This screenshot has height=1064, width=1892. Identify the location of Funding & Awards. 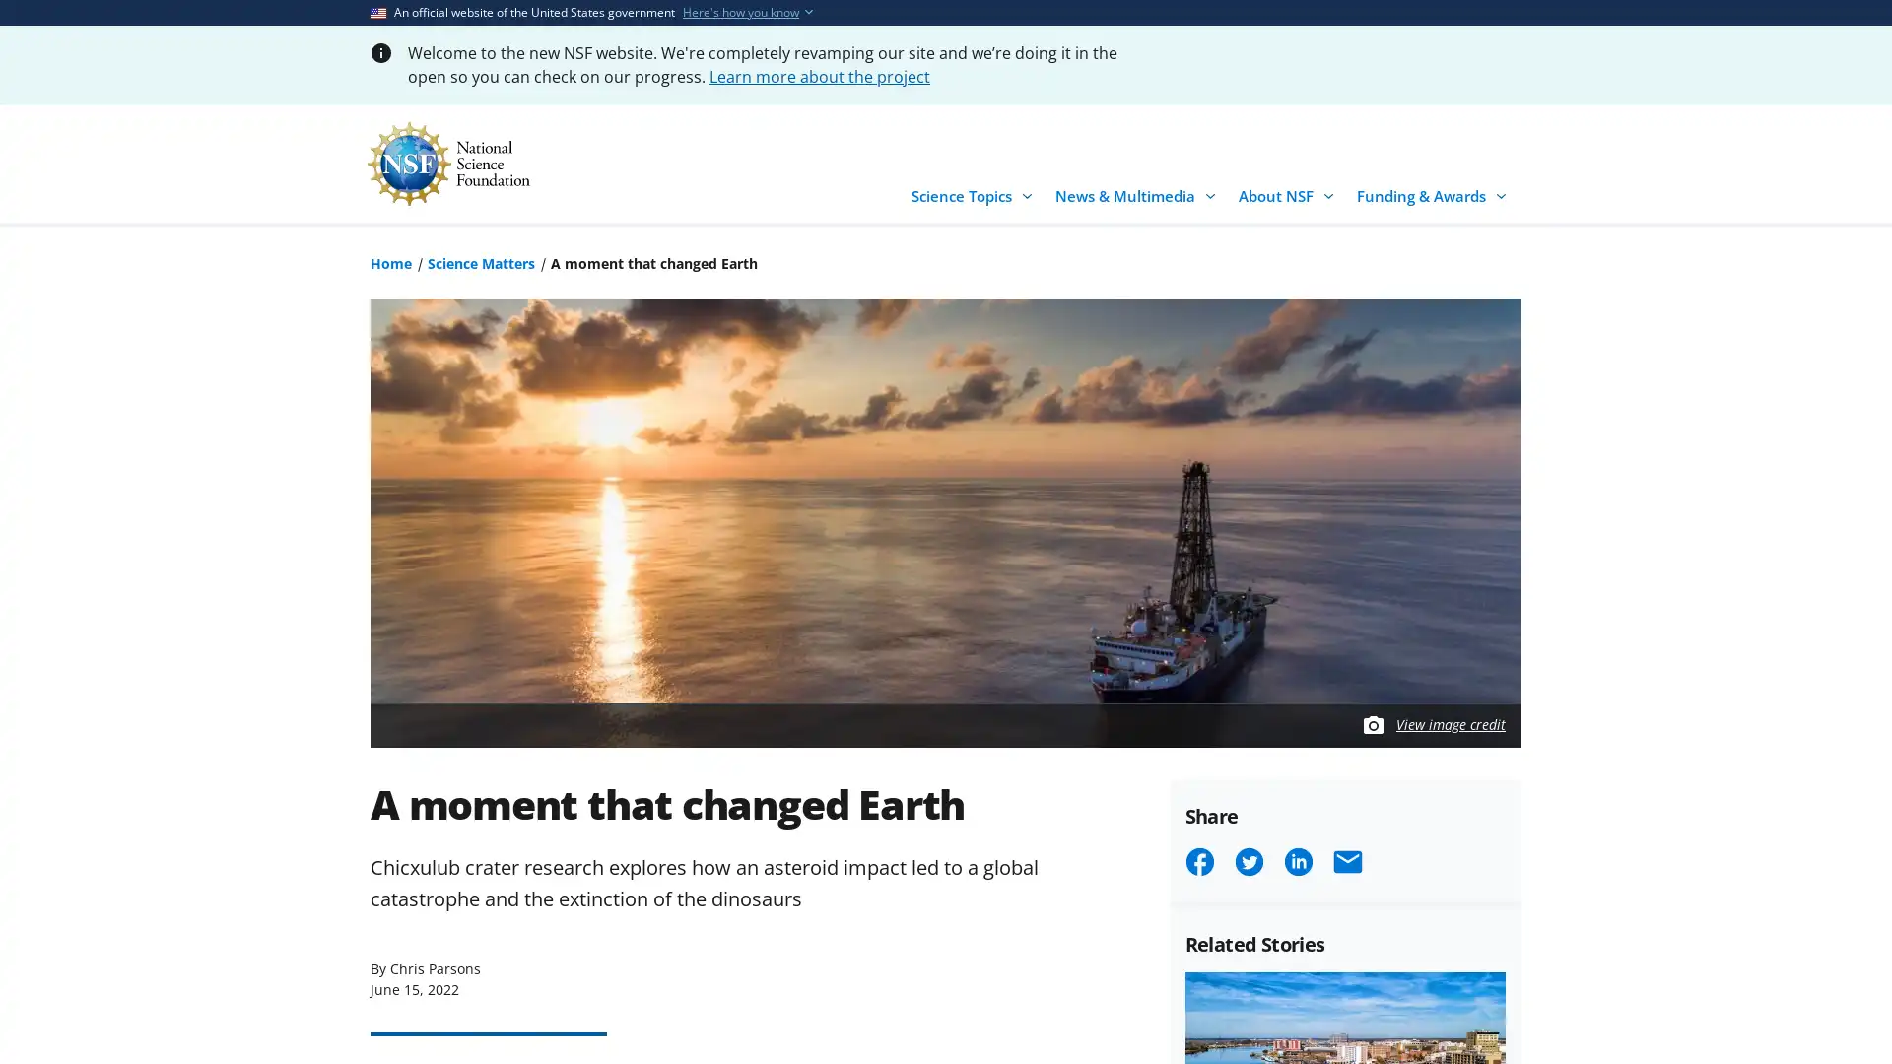
(1435, 190).